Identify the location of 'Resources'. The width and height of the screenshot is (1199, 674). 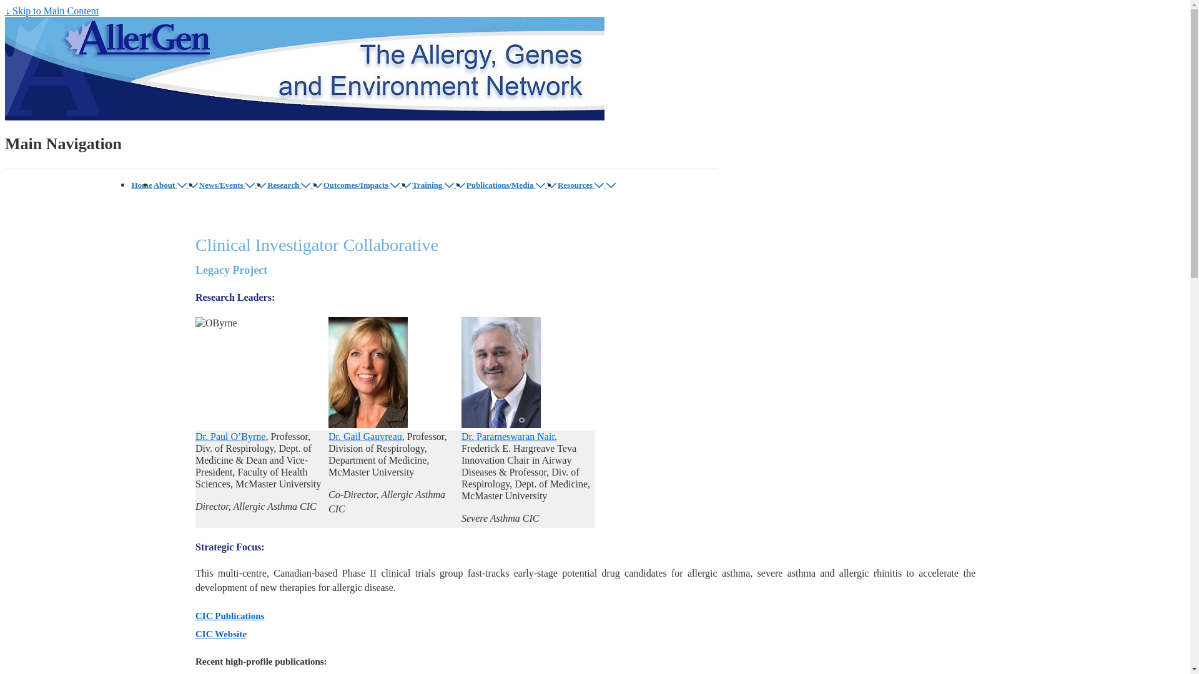
(556, 185).